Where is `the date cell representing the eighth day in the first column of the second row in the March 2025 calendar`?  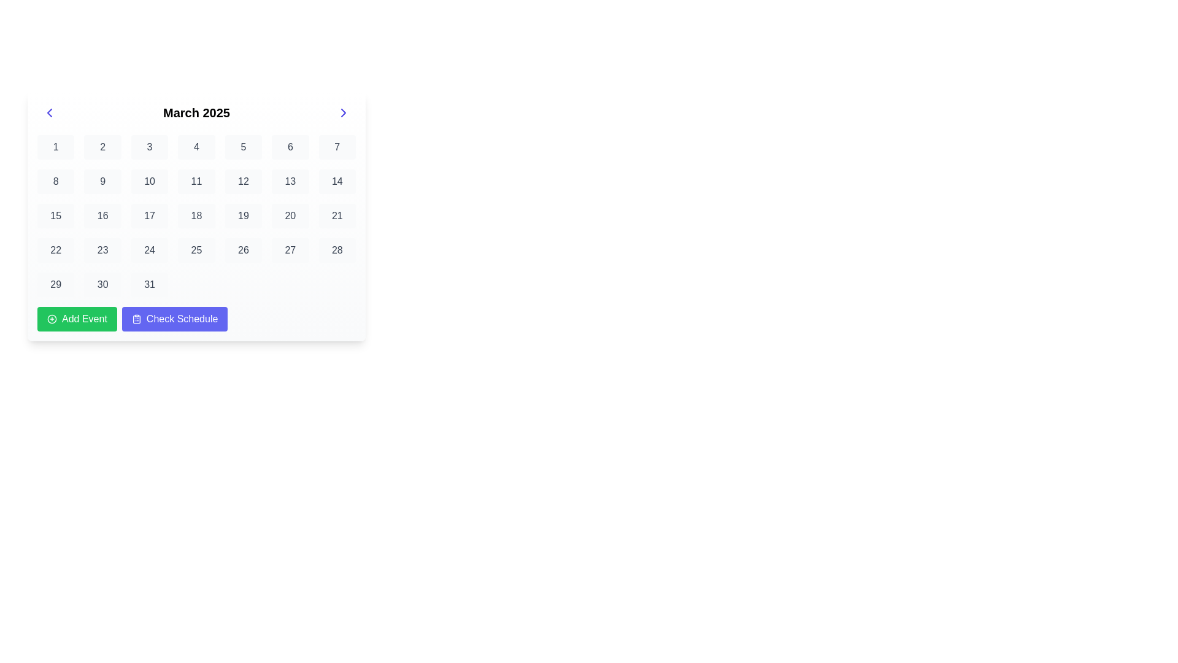 the date cell representing the eighth day in the first column of the second row in the March 2025 calendar is located at coordinates (55, 182).